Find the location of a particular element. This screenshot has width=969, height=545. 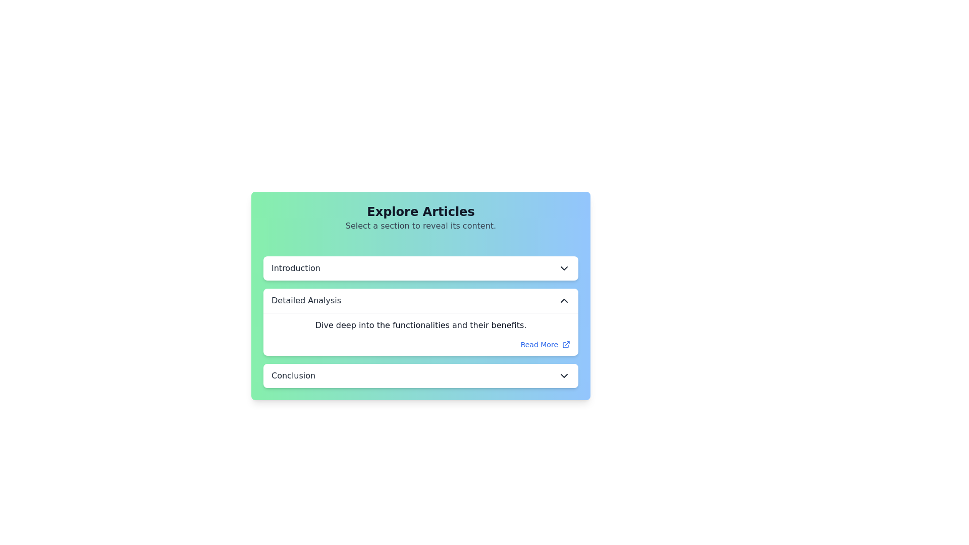

the toggle button icon that indicates the state of the 'Detailed Analysis' section, located to the far right of the section header is located at coordinates (564, 300).